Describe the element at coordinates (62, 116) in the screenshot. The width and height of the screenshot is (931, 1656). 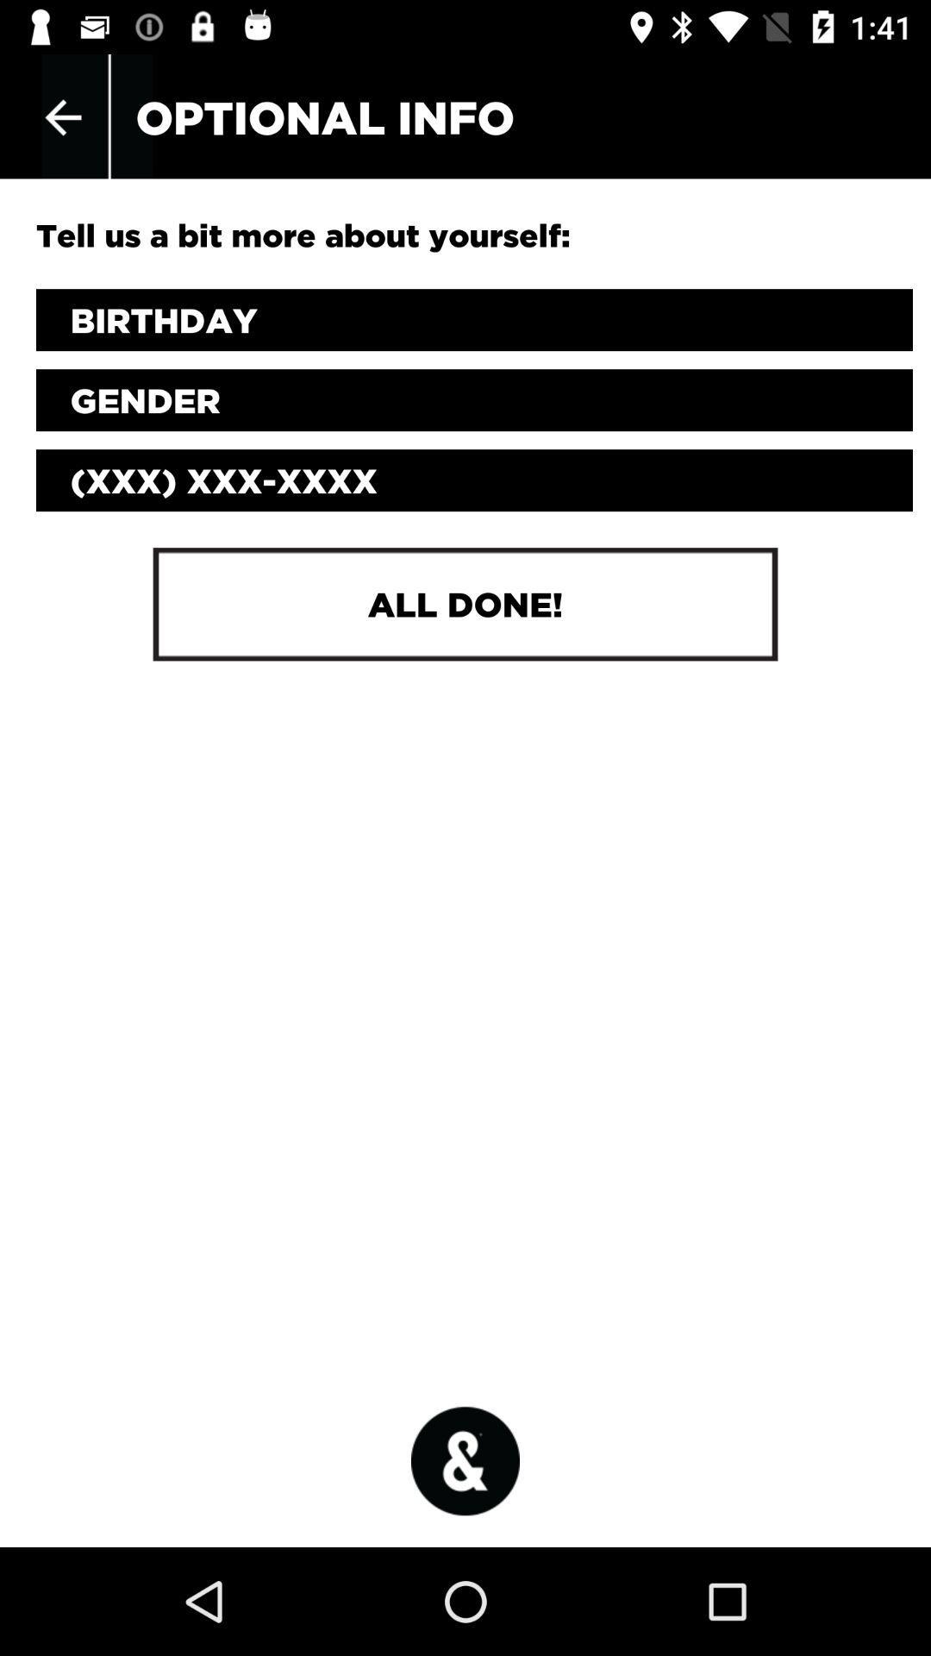
I see `the icon at the top left corner` at that location.